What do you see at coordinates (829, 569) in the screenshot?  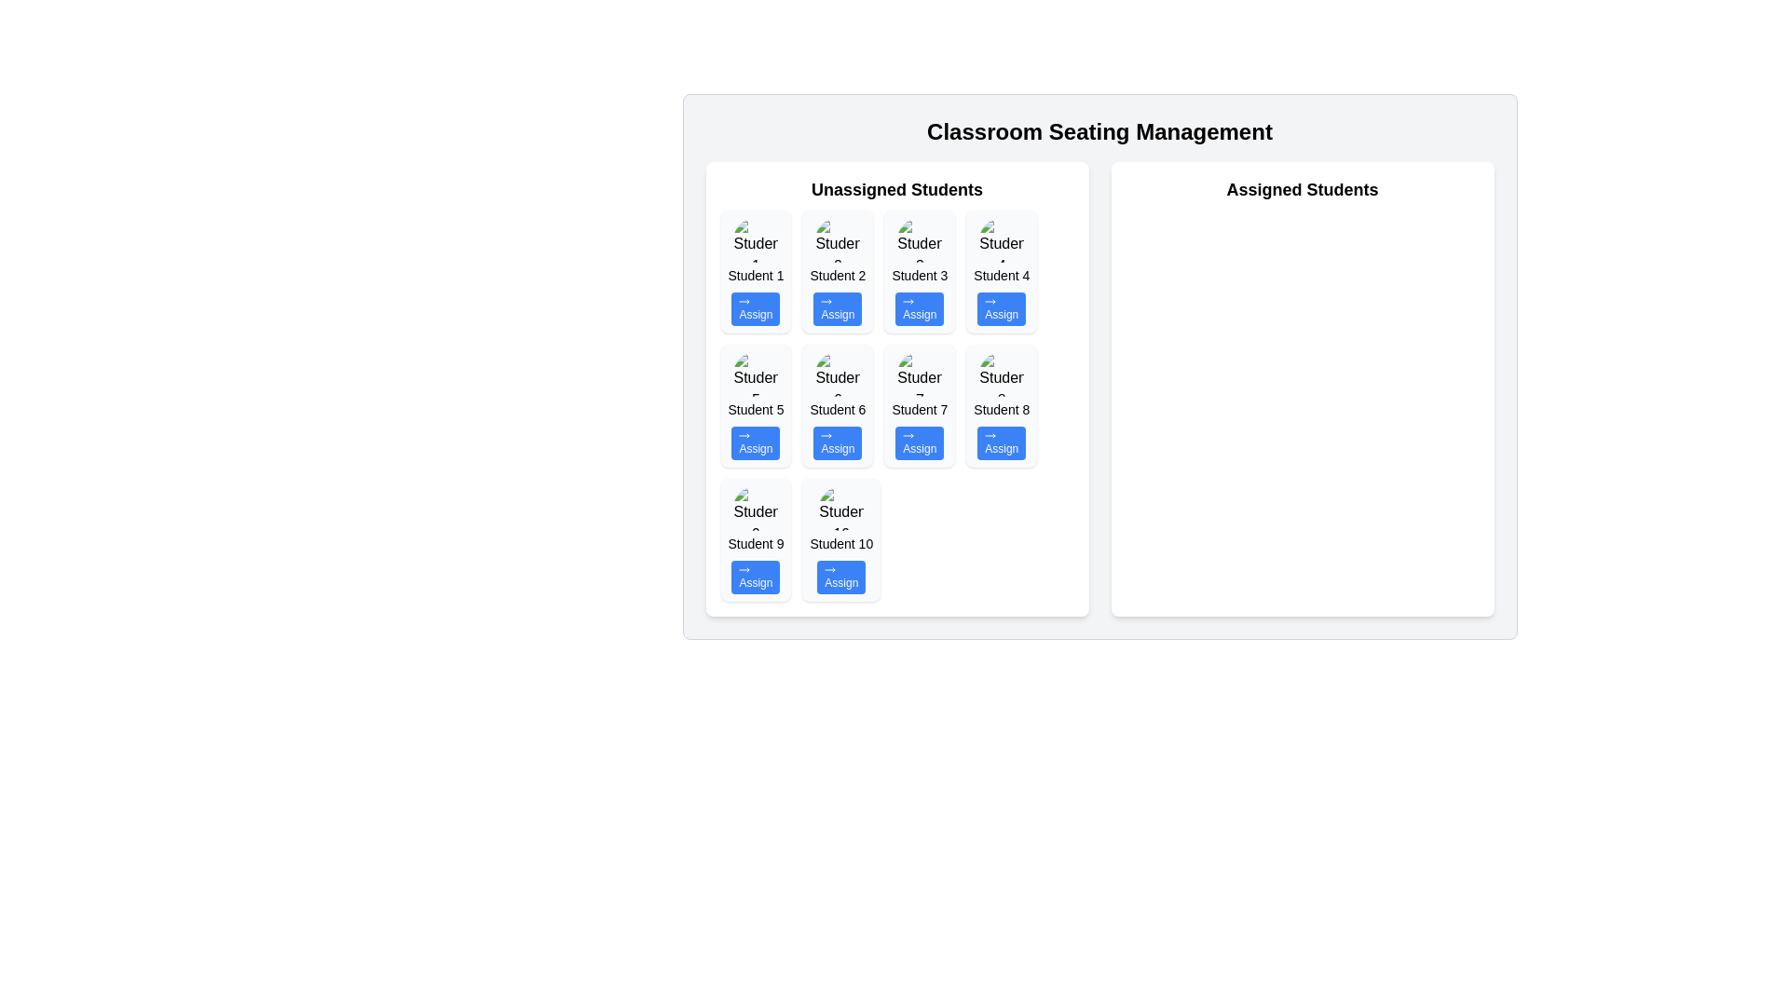 I see `the rightward-pointing arrow icon (lucide-move-right) located within the blue 'Assign' button for 'Student 10' in the 'Unassigned Students' section` at bounding box center [829, 569].